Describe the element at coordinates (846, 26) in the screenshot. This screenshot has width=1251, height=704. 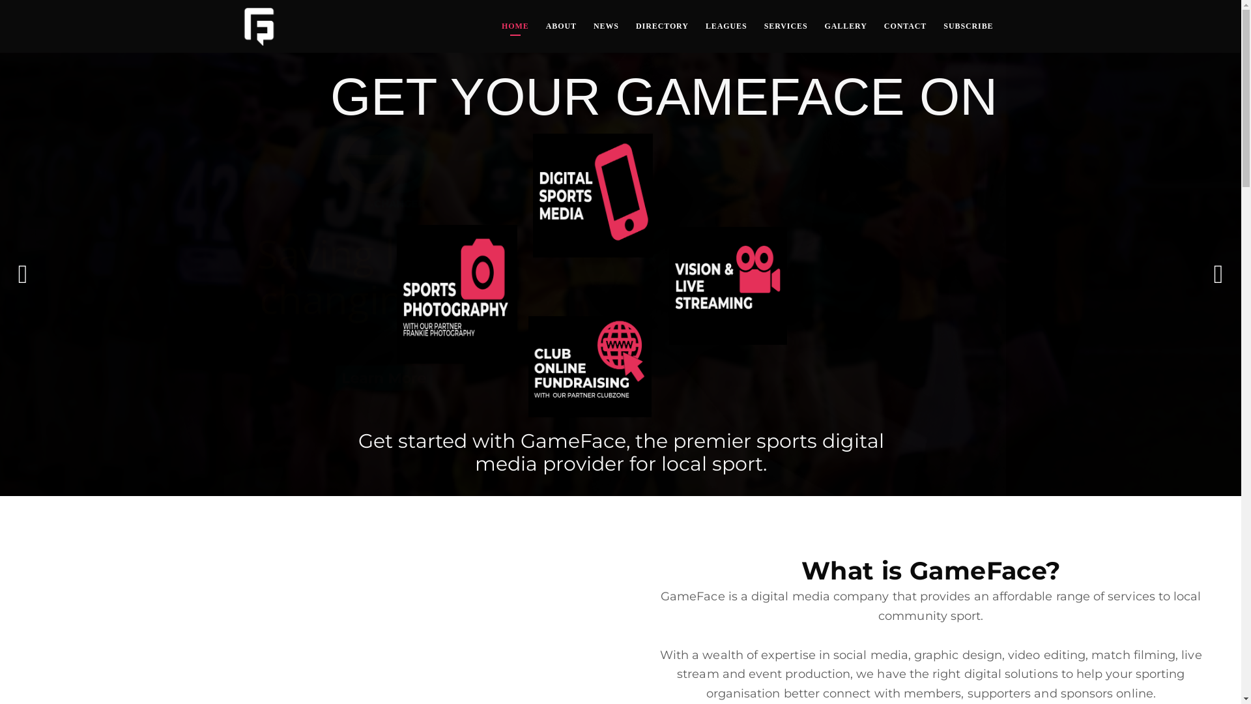
I see `'GALLERY'` at that location.